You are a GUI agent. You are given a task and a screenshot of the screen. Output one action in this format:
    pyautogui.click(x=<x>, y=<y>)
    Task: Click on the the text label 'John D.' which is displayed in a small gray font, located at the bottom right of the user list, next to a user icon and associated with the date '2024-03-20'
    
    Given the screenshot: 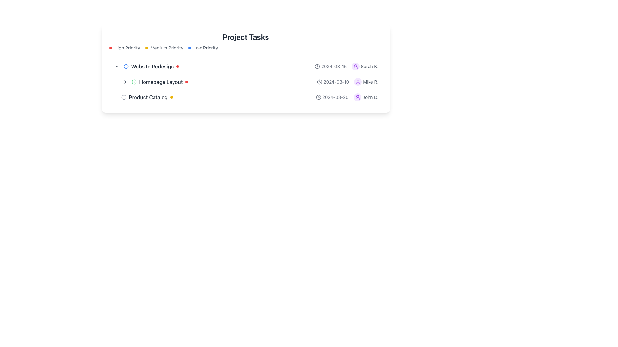 What is the action you would take?
    pyautogui.click(x=370, y=97)
    